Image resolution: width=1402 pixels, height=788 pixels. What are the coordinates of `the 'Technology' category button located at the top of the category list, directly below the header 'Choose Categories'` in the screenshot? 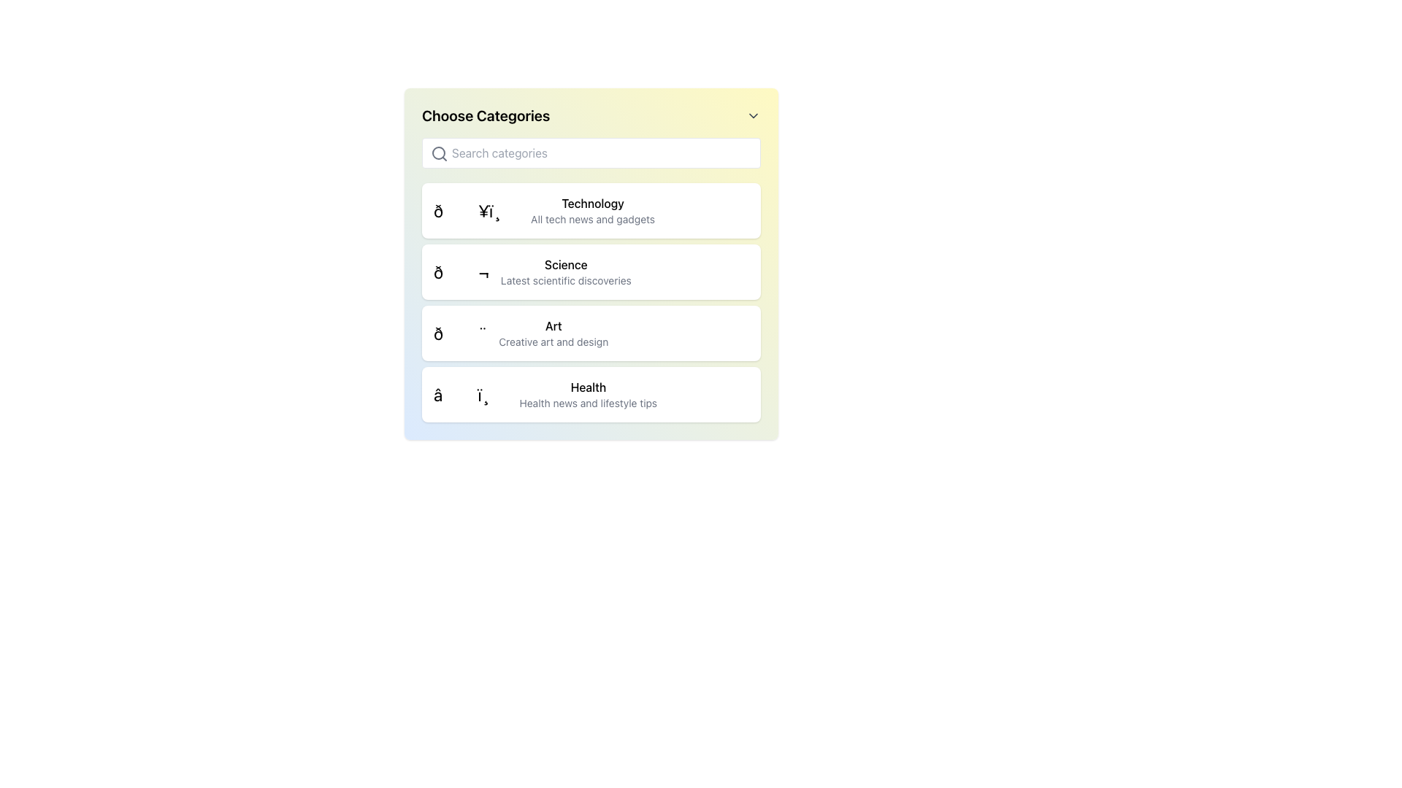 It's located at (591, 211).